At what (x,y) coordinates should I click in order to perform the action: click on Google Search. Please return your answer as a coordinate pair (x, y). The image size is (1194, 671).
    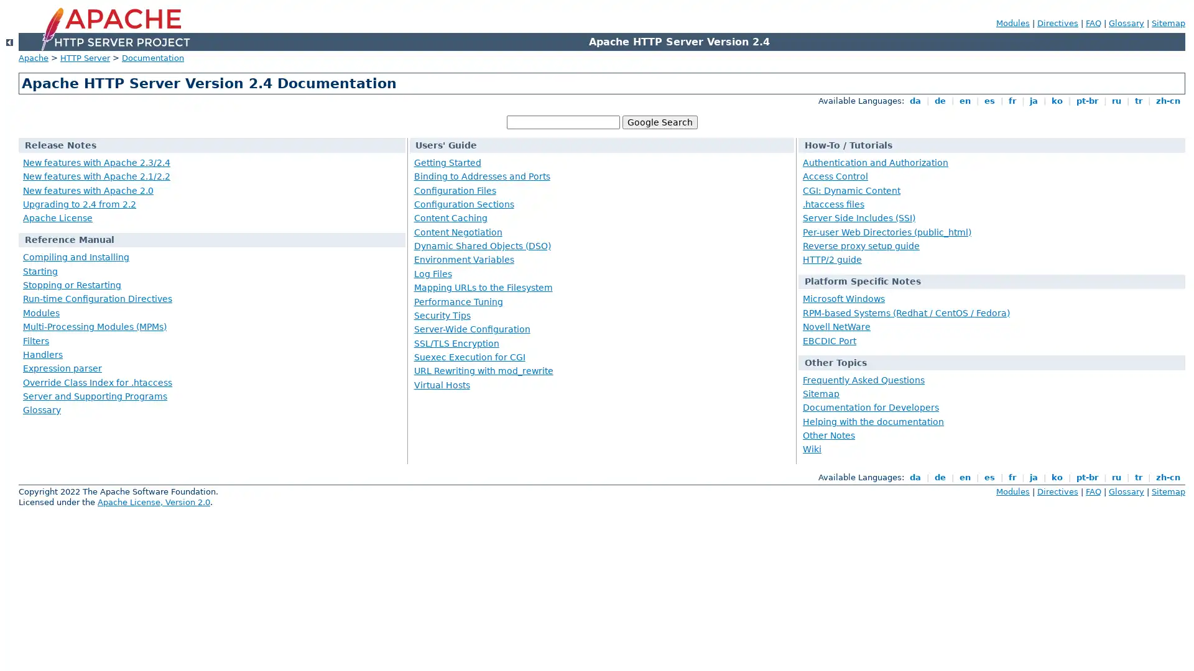
    Looking at the image, I should click on (659, 122).